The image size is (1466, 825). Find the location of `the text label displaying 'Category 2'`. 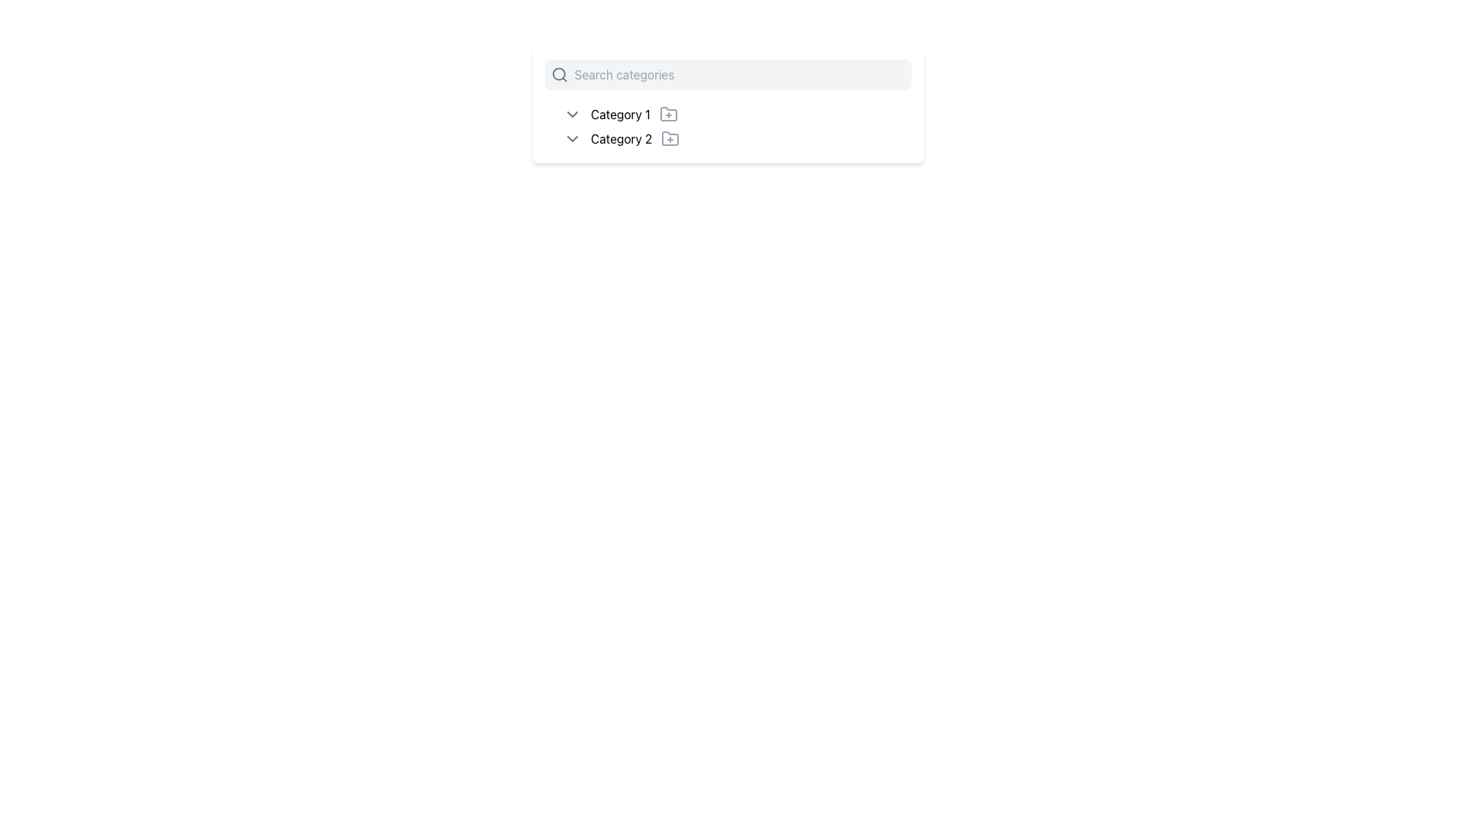

the text label displaying 'Category 2' is located at coordinates (622, 138).